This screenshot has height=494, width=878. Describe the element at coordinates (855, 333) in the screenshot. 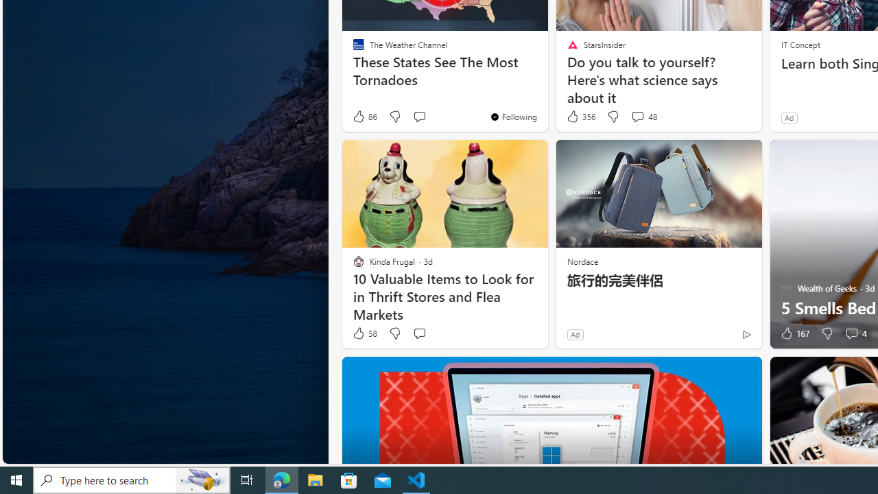

I see `'View comments 4 Comment'` at that location.